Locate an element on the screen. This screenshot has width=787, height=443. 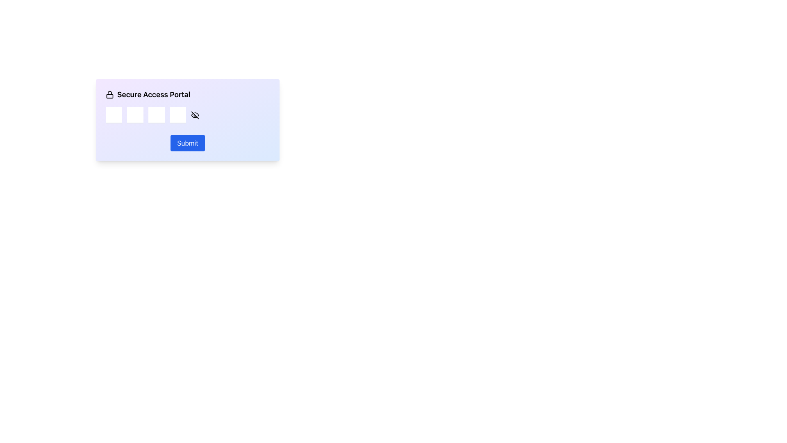
the visibility icon within the secure access form is located at coordinates (187, 120).